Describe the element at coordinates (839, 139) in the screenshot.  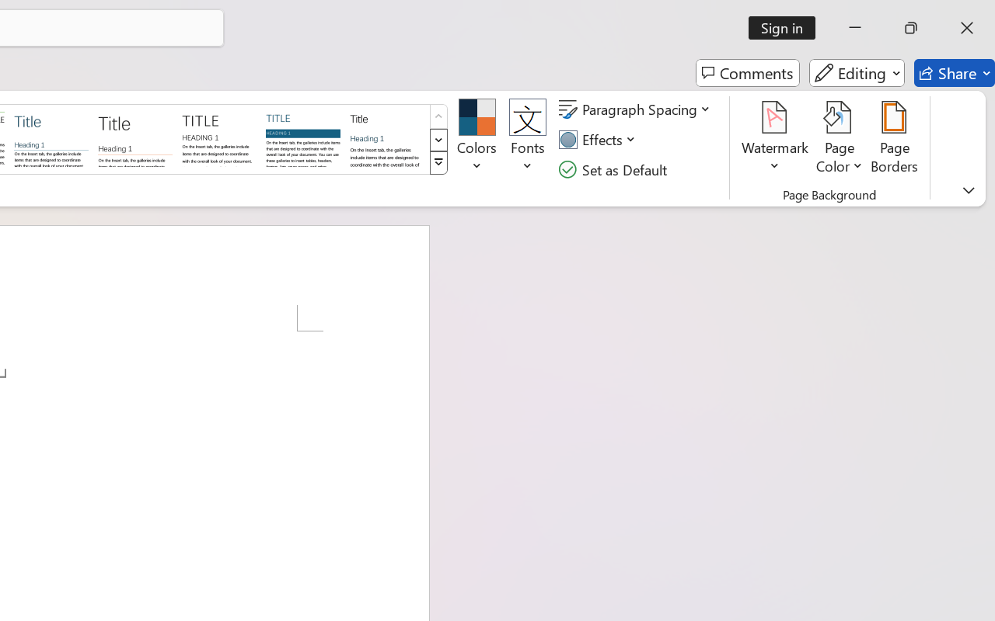
I see `'Page Color'` at that location.